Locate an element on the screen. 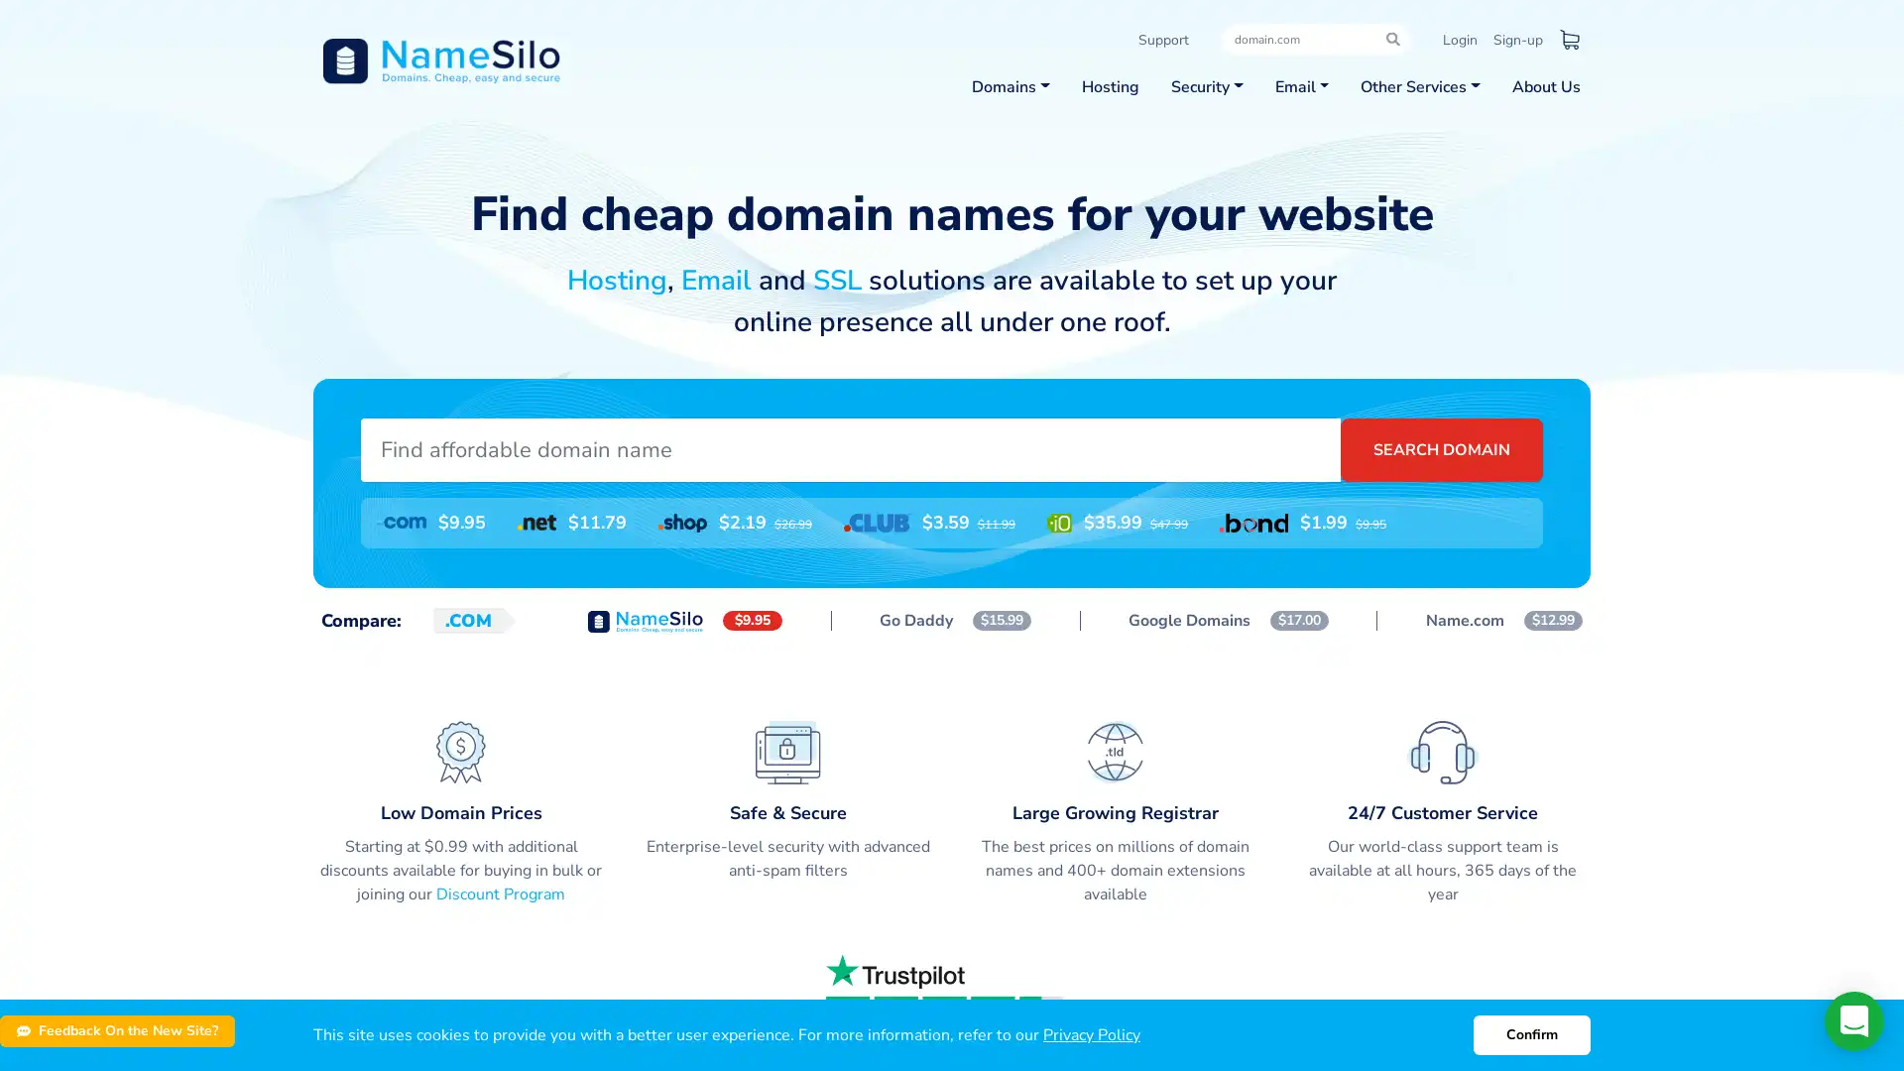 This screenshot has width=1904, height=1071. SEARCH DOMAIN is located at coordinates (1442, 448).